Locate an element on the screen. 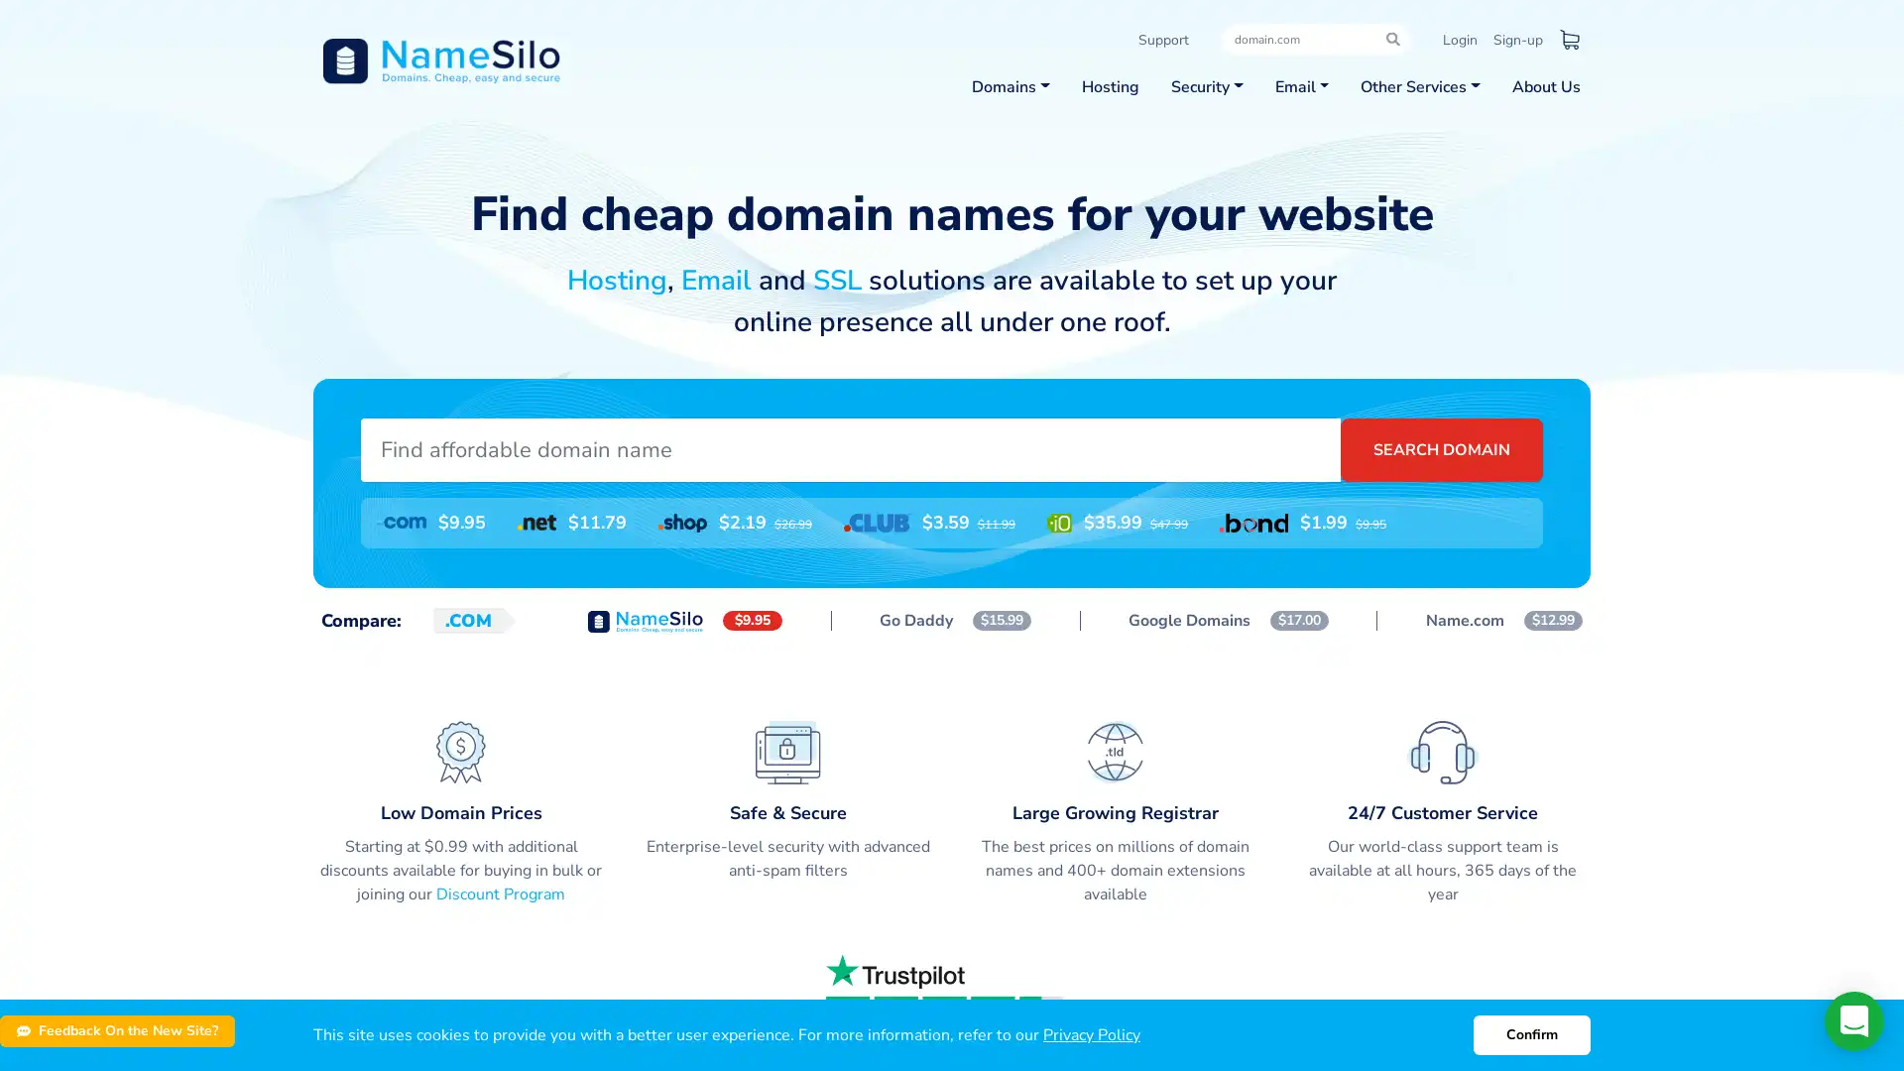 This screenshot has width=1904, height=1071. SEARCH DOMAIN is located at coordinates (1442, 448).